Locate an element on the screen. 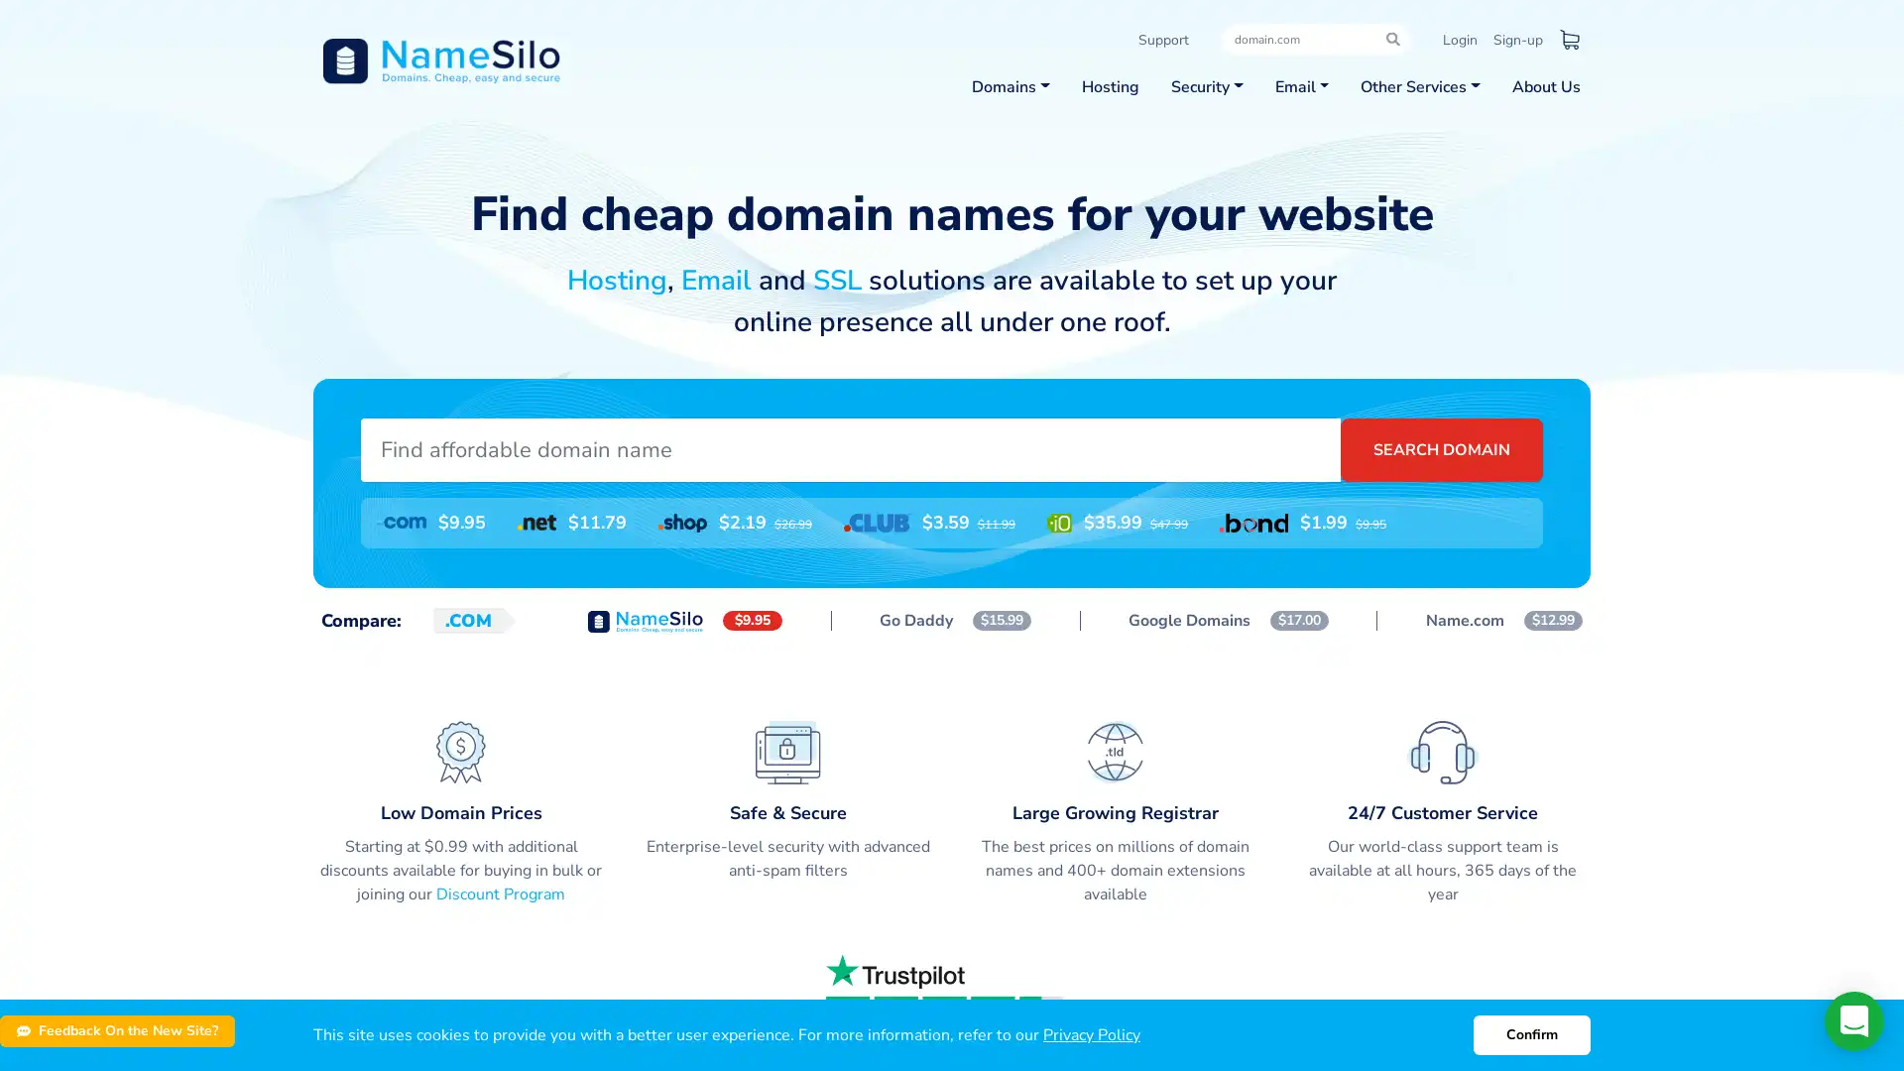 This screenshot has width=1904, height=1071. SEARCH DOMAIN is located at coordinates (1442, 448).